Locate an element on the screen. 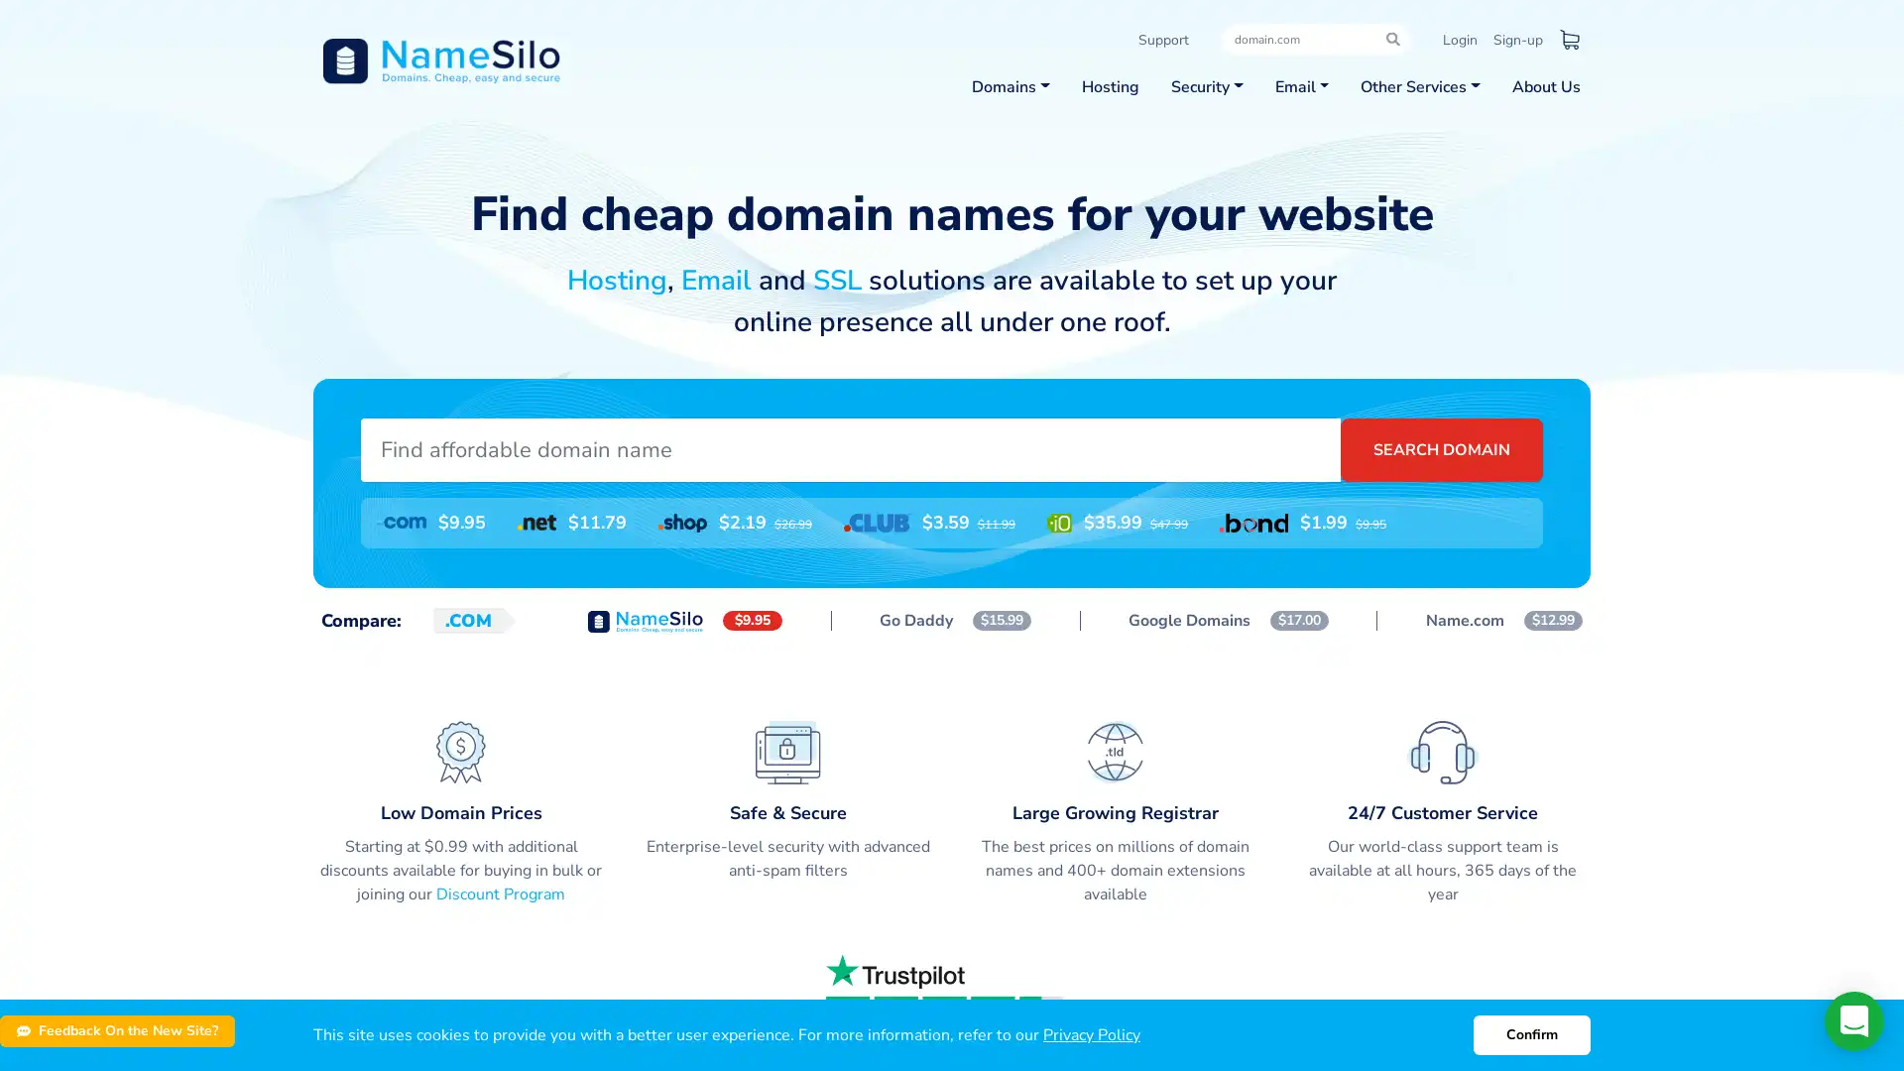 This screenshot has width=1904, height=1071. SEARCH DOMAIN is located at coordinates (1442, 448).